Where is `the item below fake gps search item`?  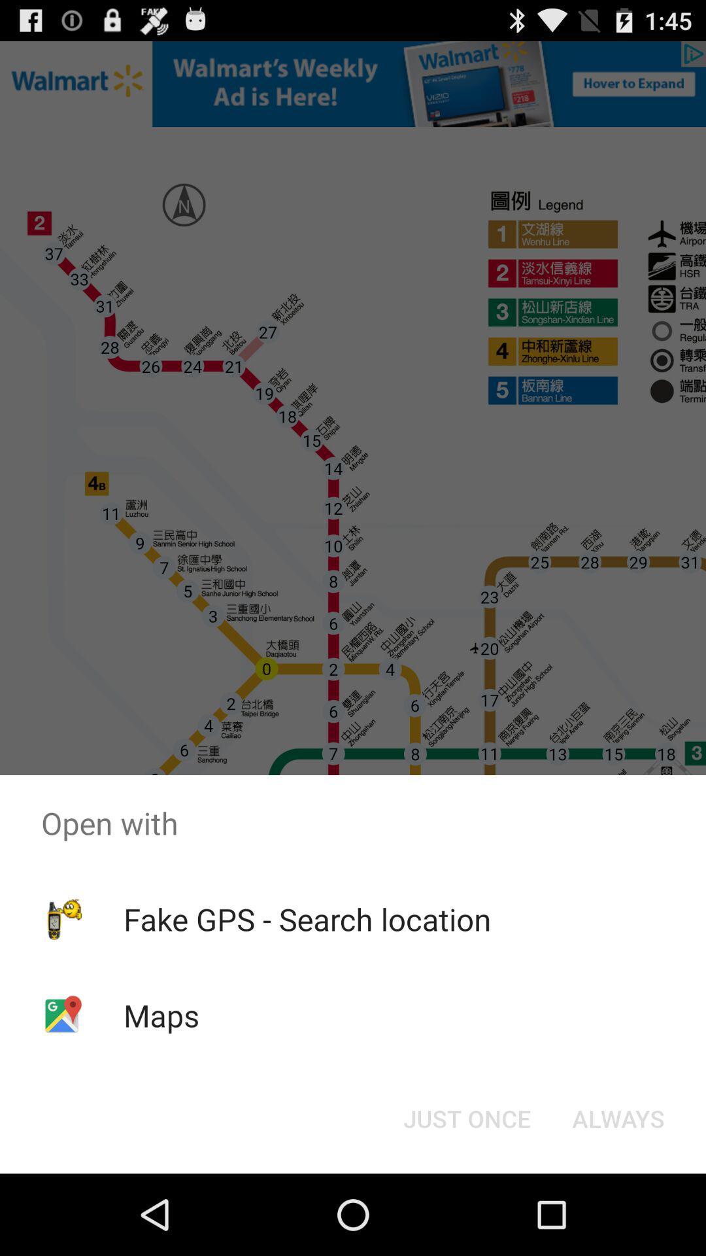 the item below fake gps search item is located at coordinates (466, 1117).